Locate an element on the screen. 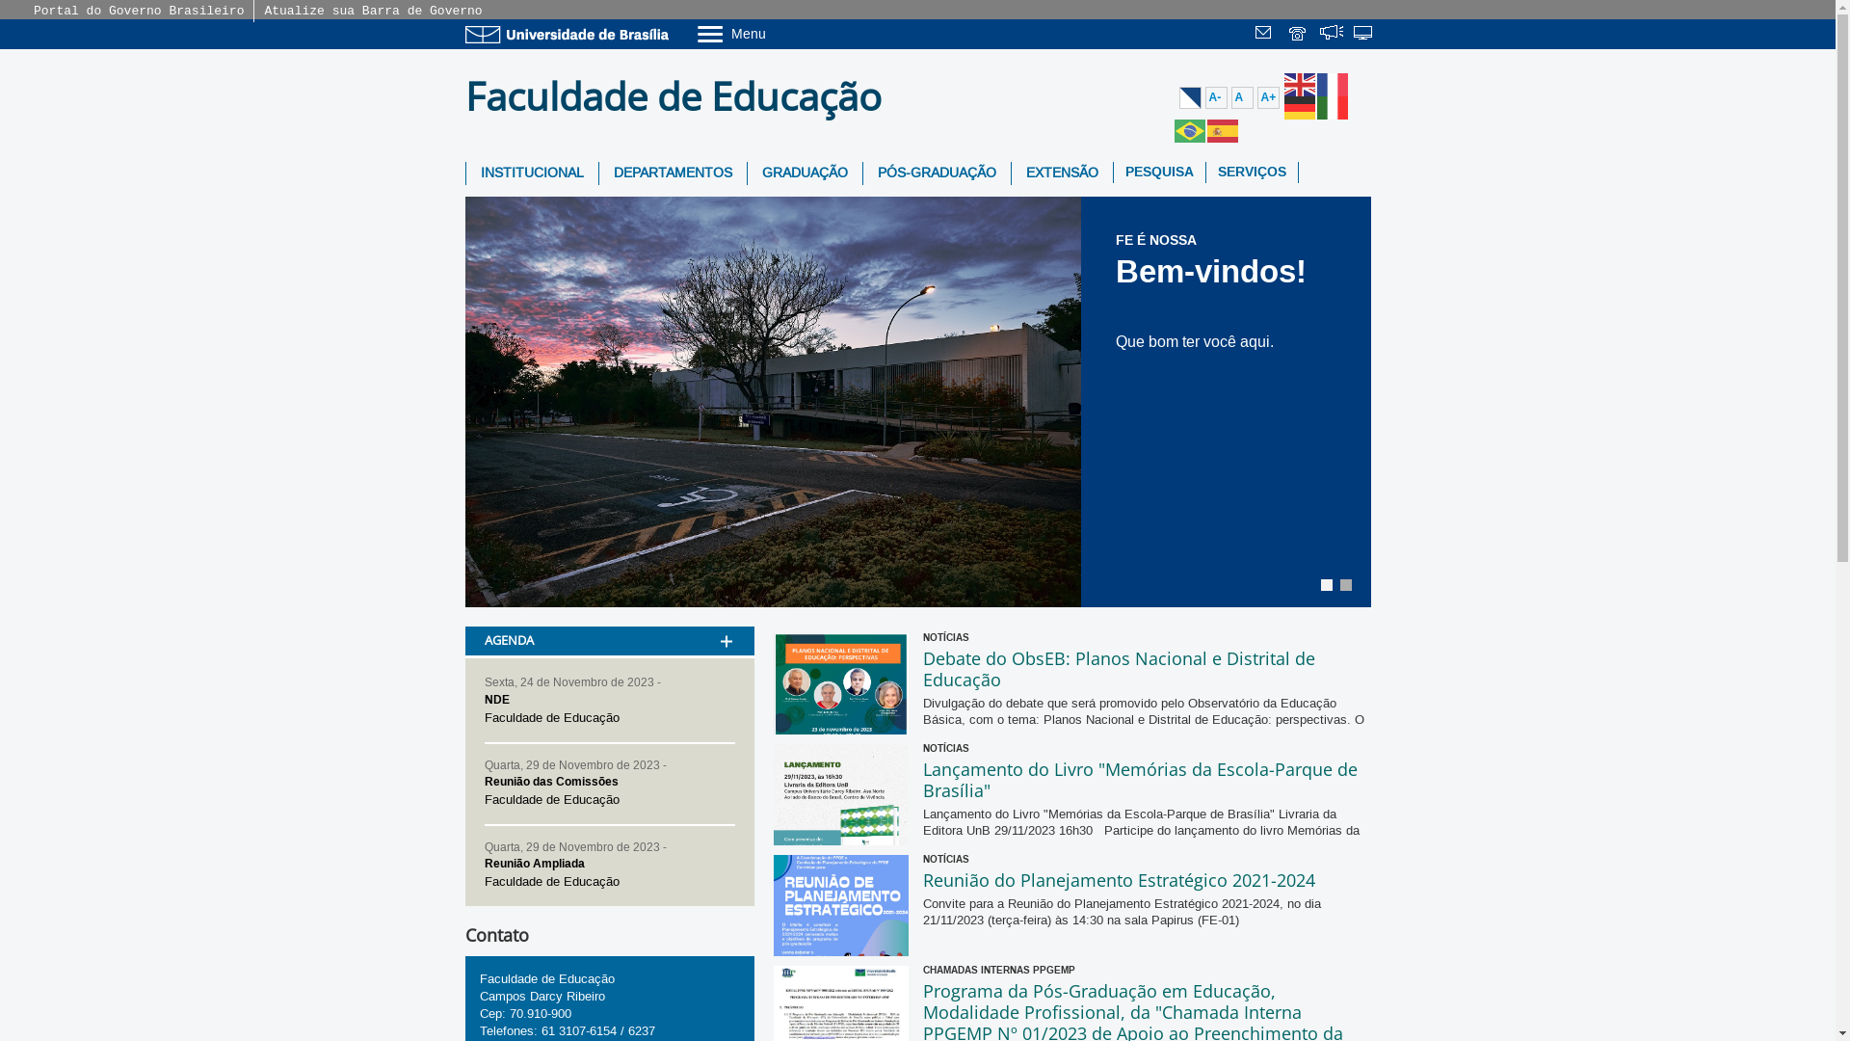 The height and width of the screenshot is (1041, 1850). 'Telefones da UnB' is located at coordinates (1286, 35).